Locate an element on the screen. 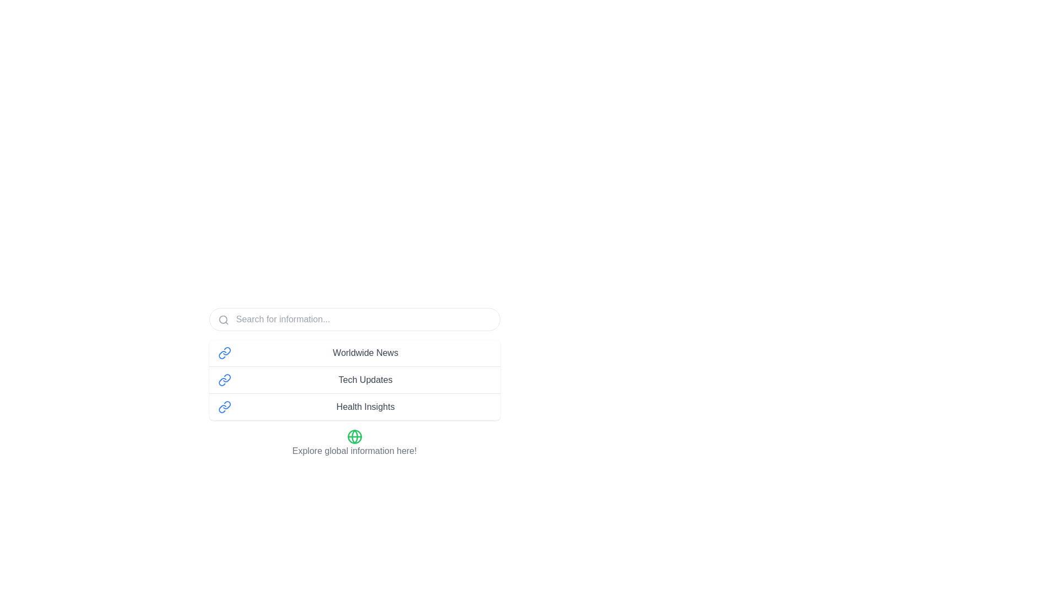 Image resolution: width=1058 pixels, height=595 pixels. the hyperlink icon located at the top-left corner of the 'Worldwide News' row, adjacent to the text 'Worldwide News' is located at coordinates (224, 353).